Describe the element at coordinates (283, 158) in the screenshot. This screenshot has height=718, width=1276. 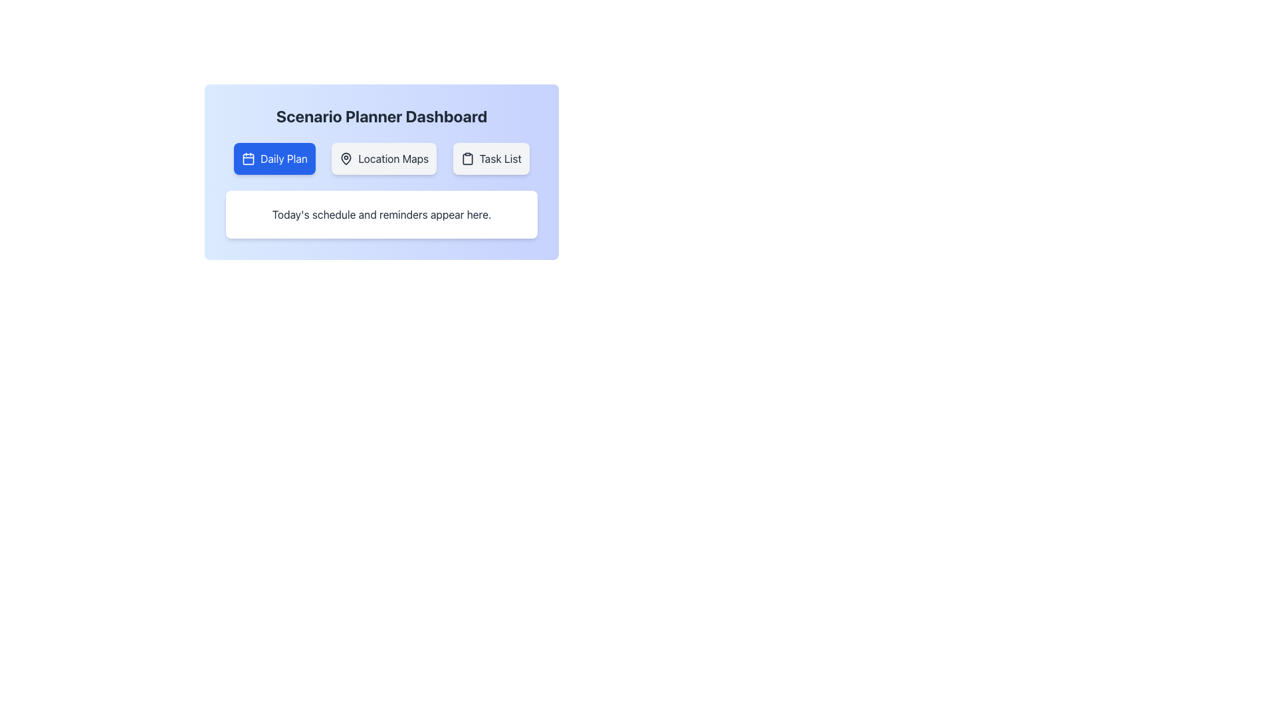
I see `the 'Daily Plan' text label located in the first button of the horizontal button group below the 'Scenario Planner Dashboard' heading` at that location.